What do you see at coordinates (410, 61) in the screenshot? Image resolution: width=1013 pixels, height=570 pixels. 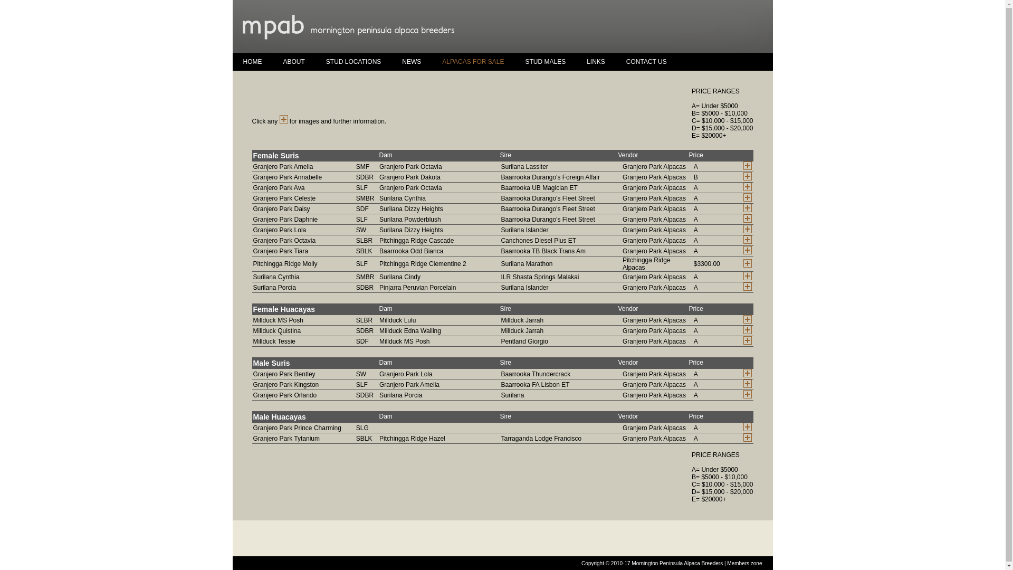 I see `'NEWS'` at bounding box center [410, 61].